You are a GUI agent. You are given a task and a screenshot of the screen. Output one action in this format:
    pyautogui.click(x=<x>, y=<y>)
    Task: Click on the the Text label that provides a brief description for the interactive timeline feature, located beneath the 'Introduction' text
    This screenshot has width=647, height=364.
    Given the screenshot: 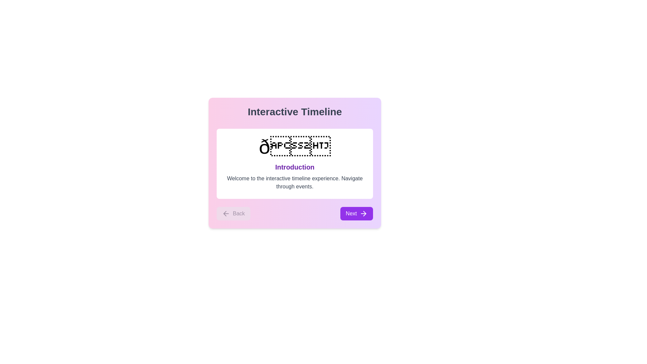 What is the action you would take?
    pyautogui.click(x=295, y=183)
    